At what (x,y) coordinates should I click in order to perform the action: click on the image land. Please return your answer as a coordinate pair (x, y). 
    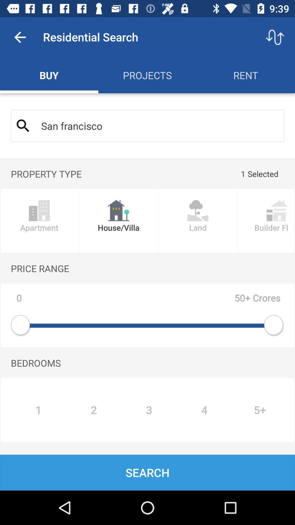
    Looking at the image, I should click on (198, 221).